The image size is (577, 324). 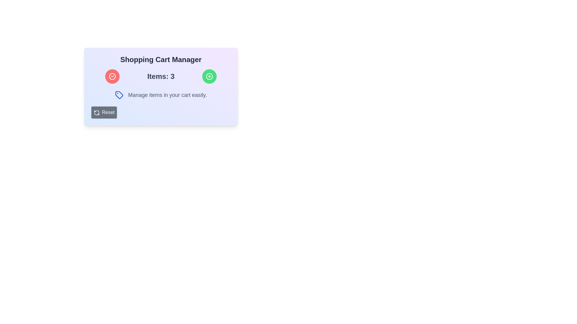 What do you see at coordinates (161, 94) in the screenshot?
I see `the text label 'Manage items in your cart easily.' with a blue tag icon, located in the Shopping Cart Manager card, centered between 'Items: 3' and the 'Reset' button` at bounding box center [161, 94].